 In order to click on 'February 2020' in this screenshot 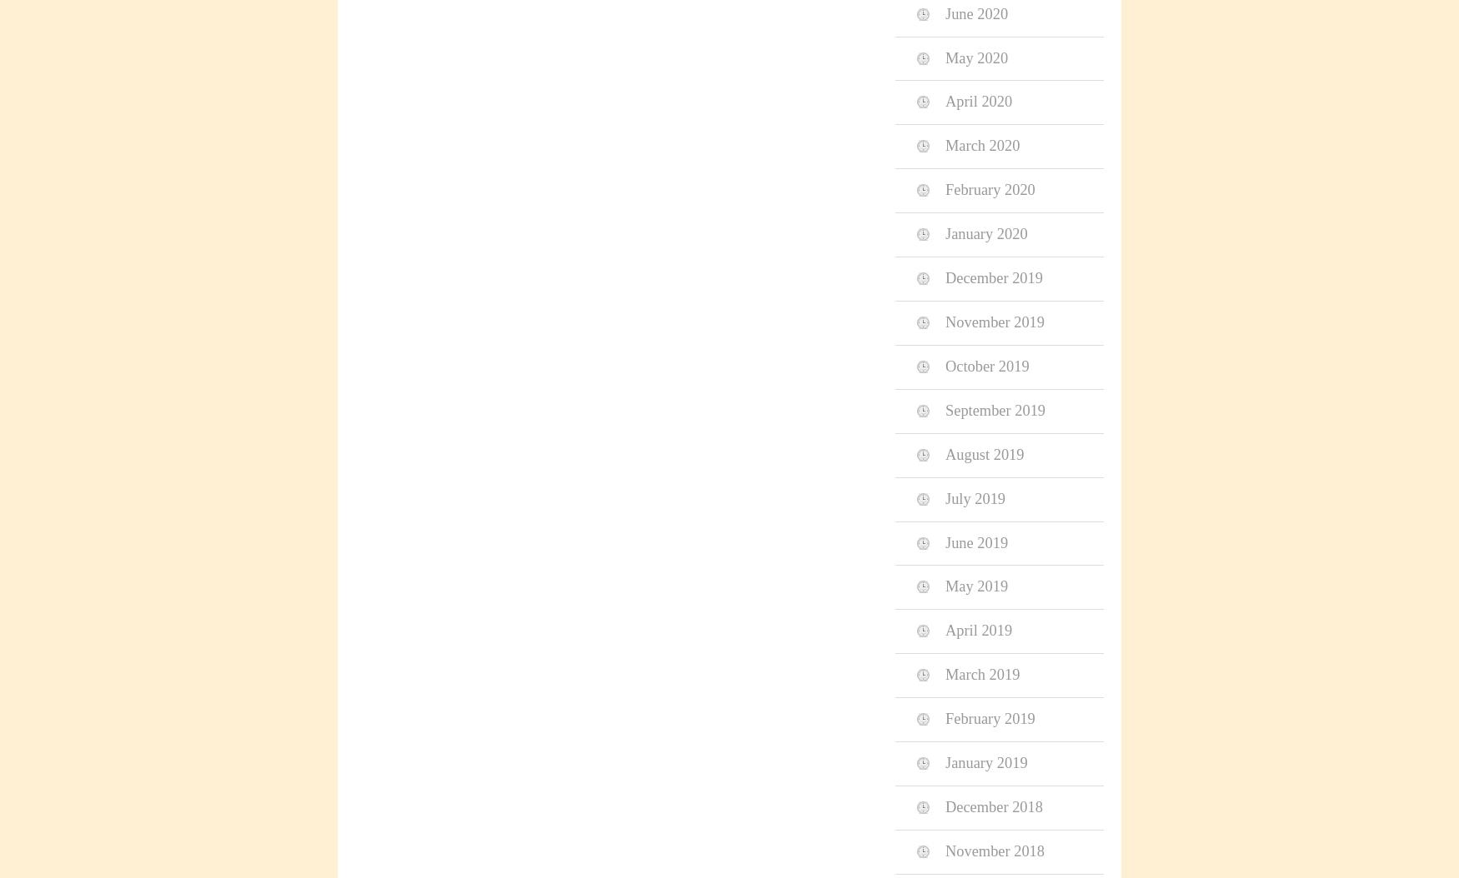, I will do `click(989, 189)`.